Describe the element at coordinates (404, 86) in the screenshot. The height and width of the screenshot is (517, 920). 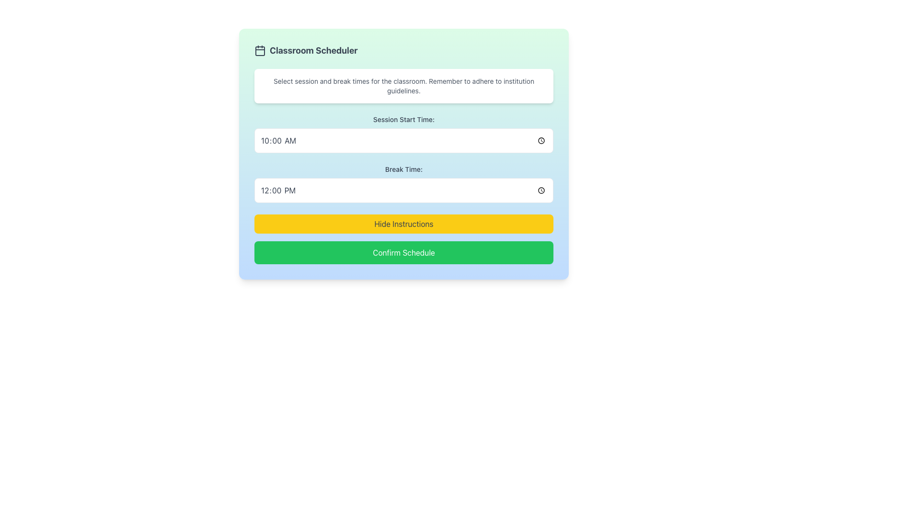
I see `instructional text label located at the top section of the 'Classroom Scheduler' form, directly below the title` at that location.